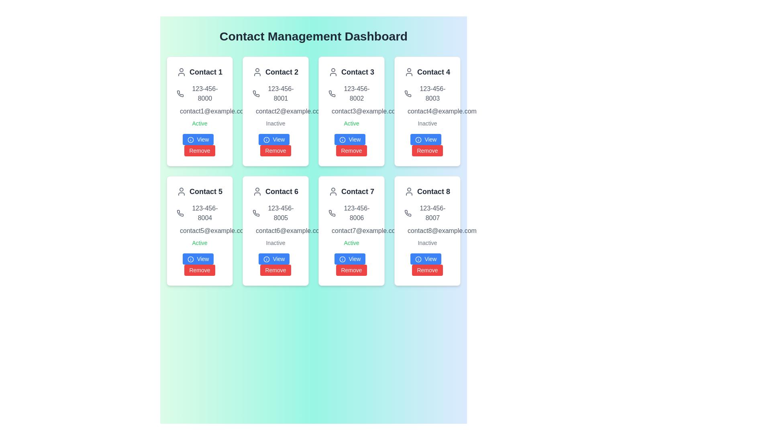  What do you see at coordinates (427, 231) in the screenshot?
I see `the email address displayed for 'Contact 8'` at bounding box center [427, 231].